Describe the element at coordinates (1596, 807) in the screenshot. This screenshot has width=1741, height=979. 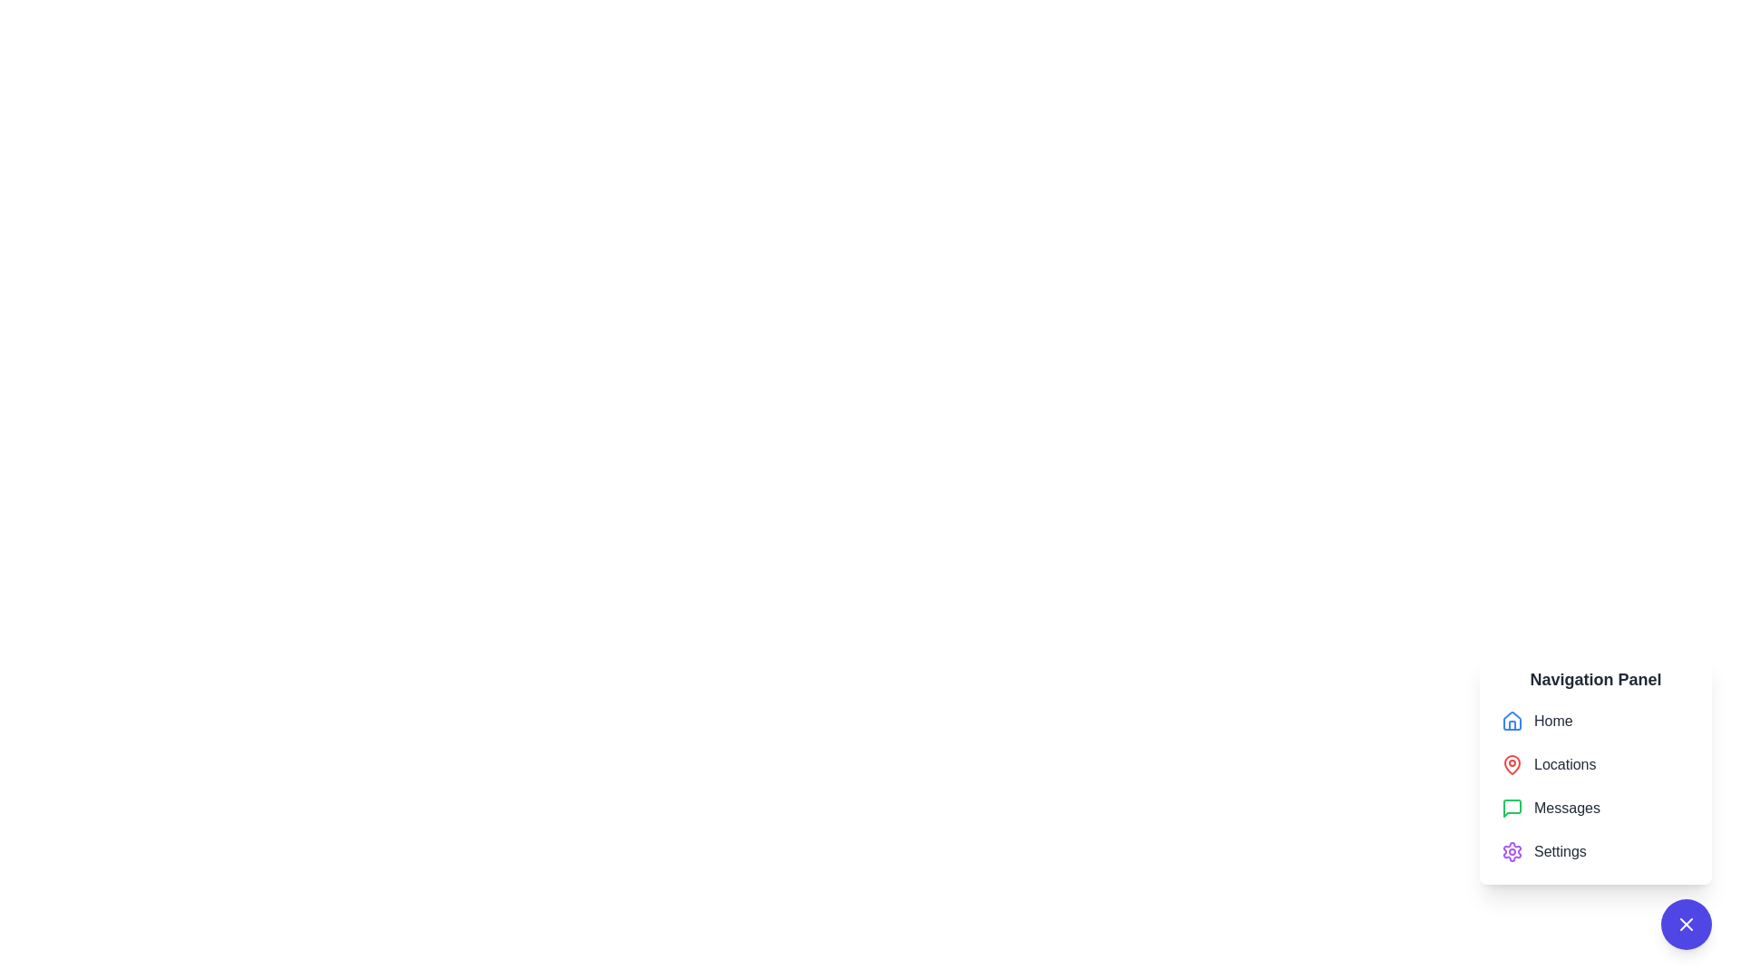
I see `the 'Messages' button located in the vertical navigation menu, positioned between 'Locations' and 'Settings'` at that location.